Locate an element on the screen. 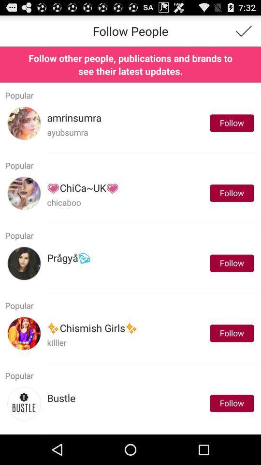  the bustle is located at coordinates (61, 398).